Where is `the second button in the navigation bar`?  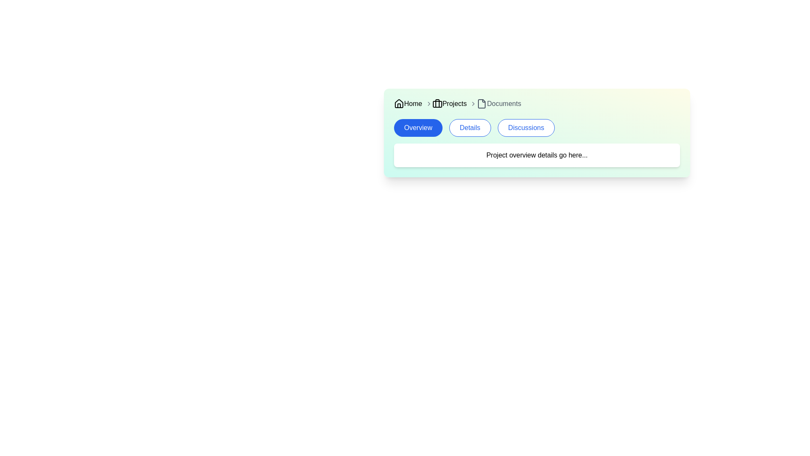 the second button in the navigation bar is located at coordinates (469, 128).